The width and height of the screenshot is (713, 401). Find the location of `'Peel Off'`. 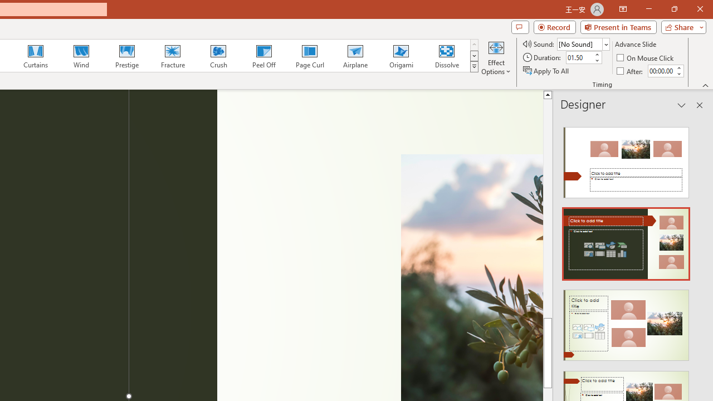

'Peel Off' is located at coordinates (263, 56).